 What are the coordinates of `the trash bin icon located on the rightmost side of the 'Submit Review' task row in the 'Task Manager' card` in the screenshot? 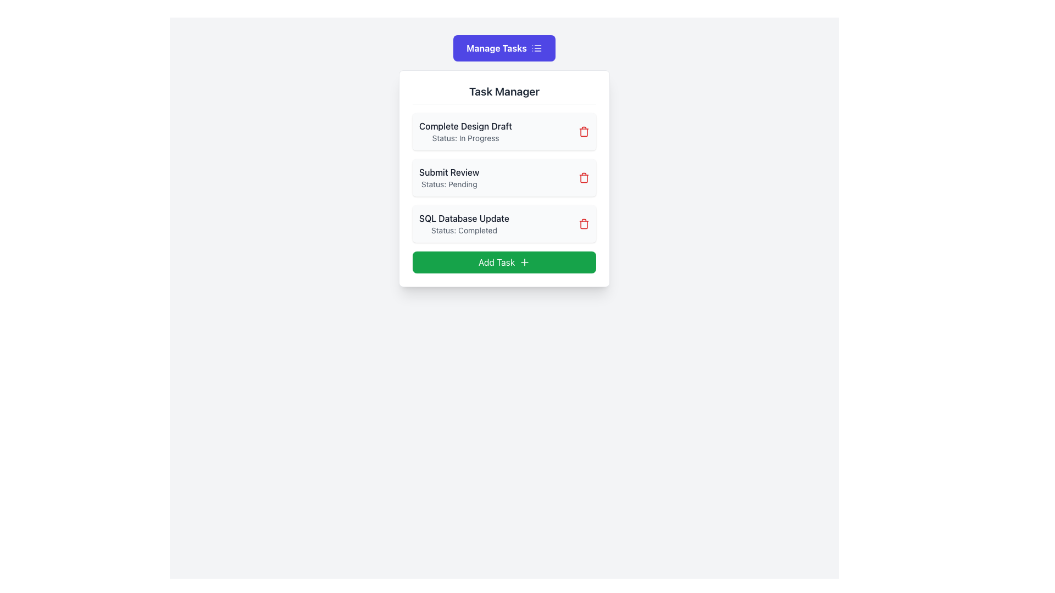 It's located at (583, 177).